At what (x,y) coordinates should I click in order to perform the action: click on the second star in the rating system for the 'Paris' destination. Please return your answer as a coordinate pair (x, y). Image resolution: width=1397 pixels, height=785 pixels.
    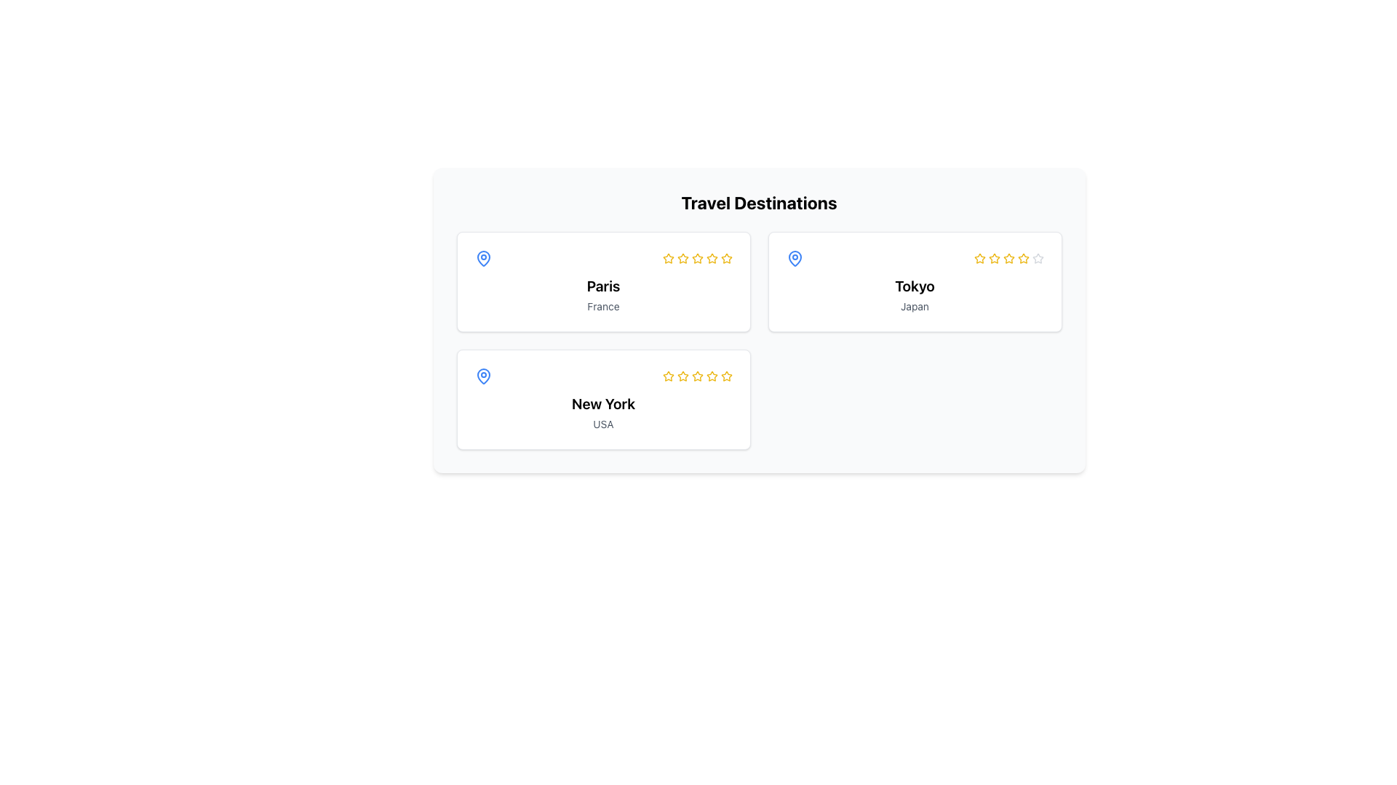
    Looking at the image, I should click on (682, 257).